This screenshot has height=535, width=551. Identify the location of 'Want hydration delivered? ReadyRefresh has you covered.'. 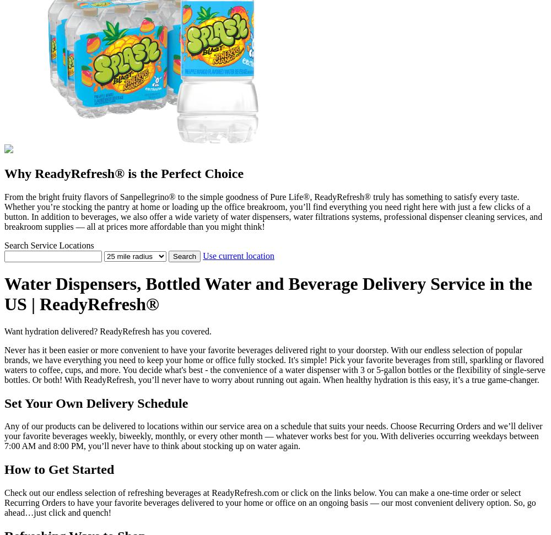
(107, 330).